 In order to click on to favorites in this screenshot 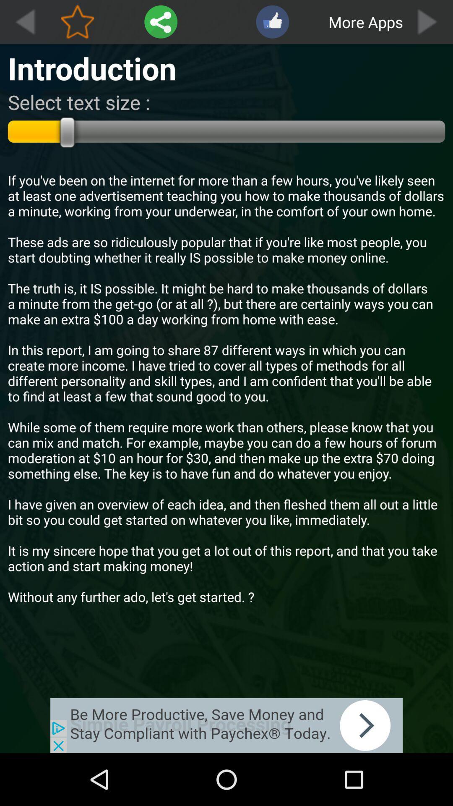, I will do `click(77, 22)`.